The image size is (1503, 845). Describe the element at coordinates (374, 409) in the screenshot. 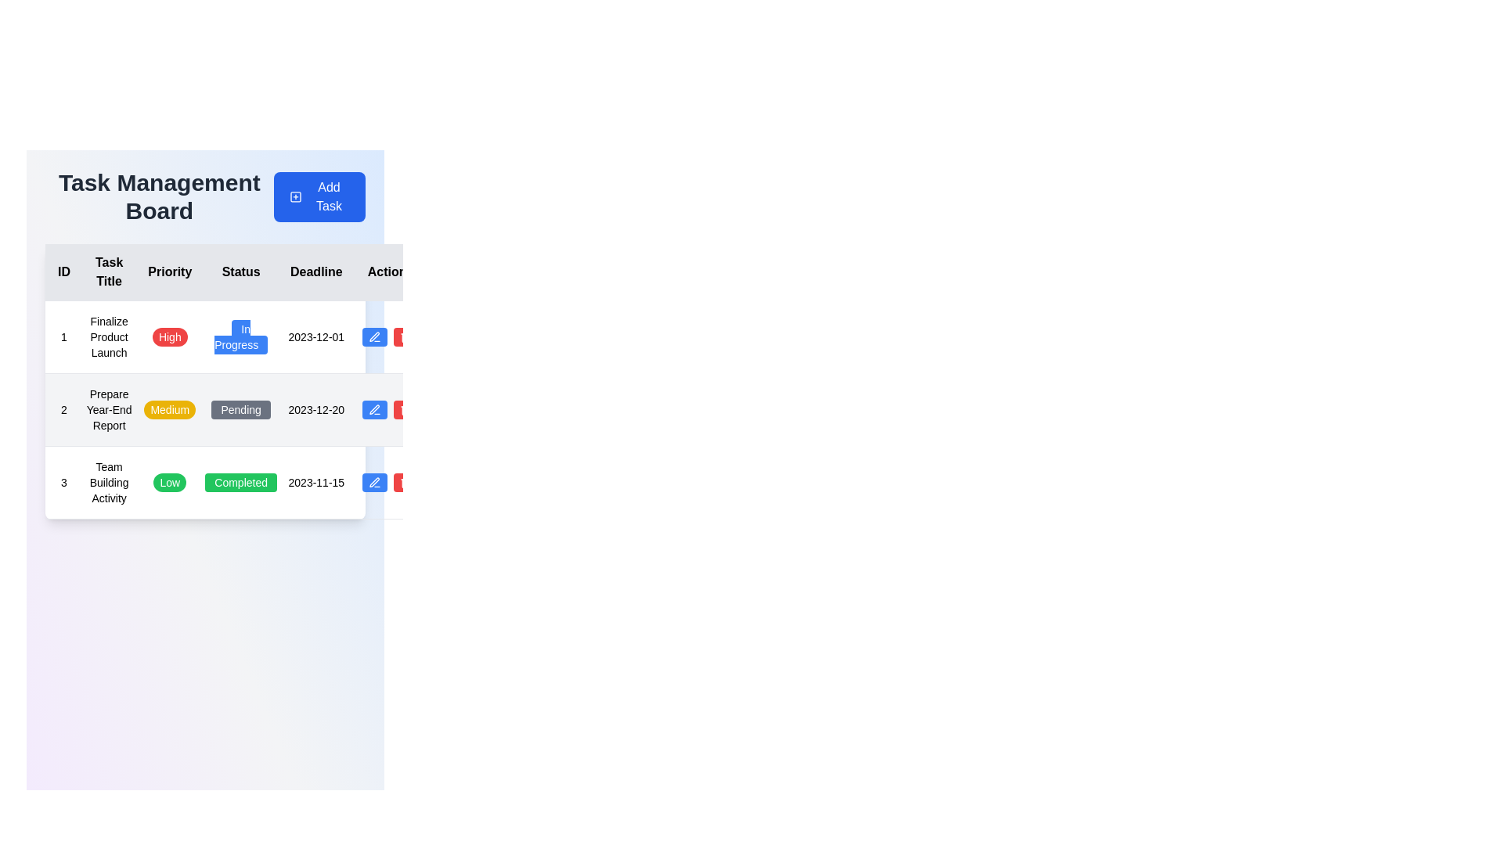

I see `the pen icon in the 'Actions' column of the second row` at that location.